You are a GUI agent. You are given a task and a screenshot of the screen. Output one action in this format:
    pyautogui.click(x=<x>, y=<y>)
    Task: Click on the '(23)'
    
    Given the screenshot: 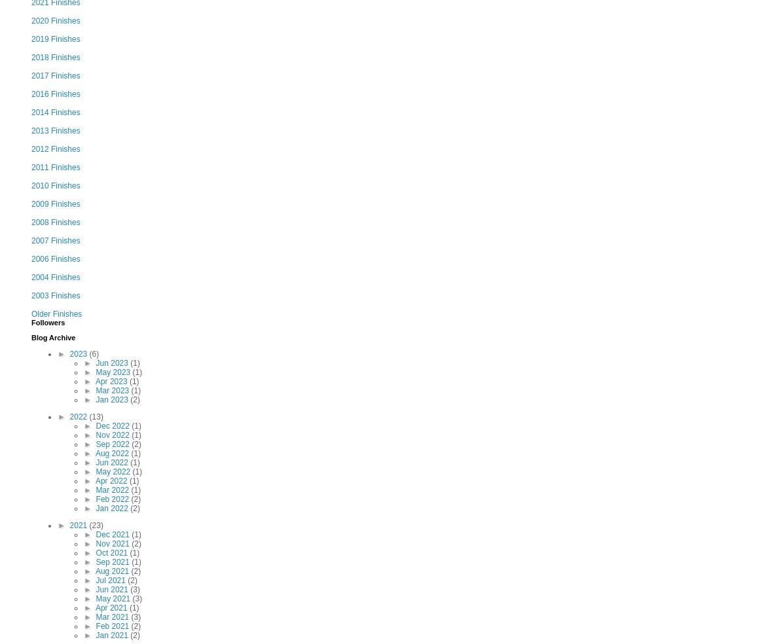 What is the action you would take?
    pyautogui.click(x=95, y=525)
    